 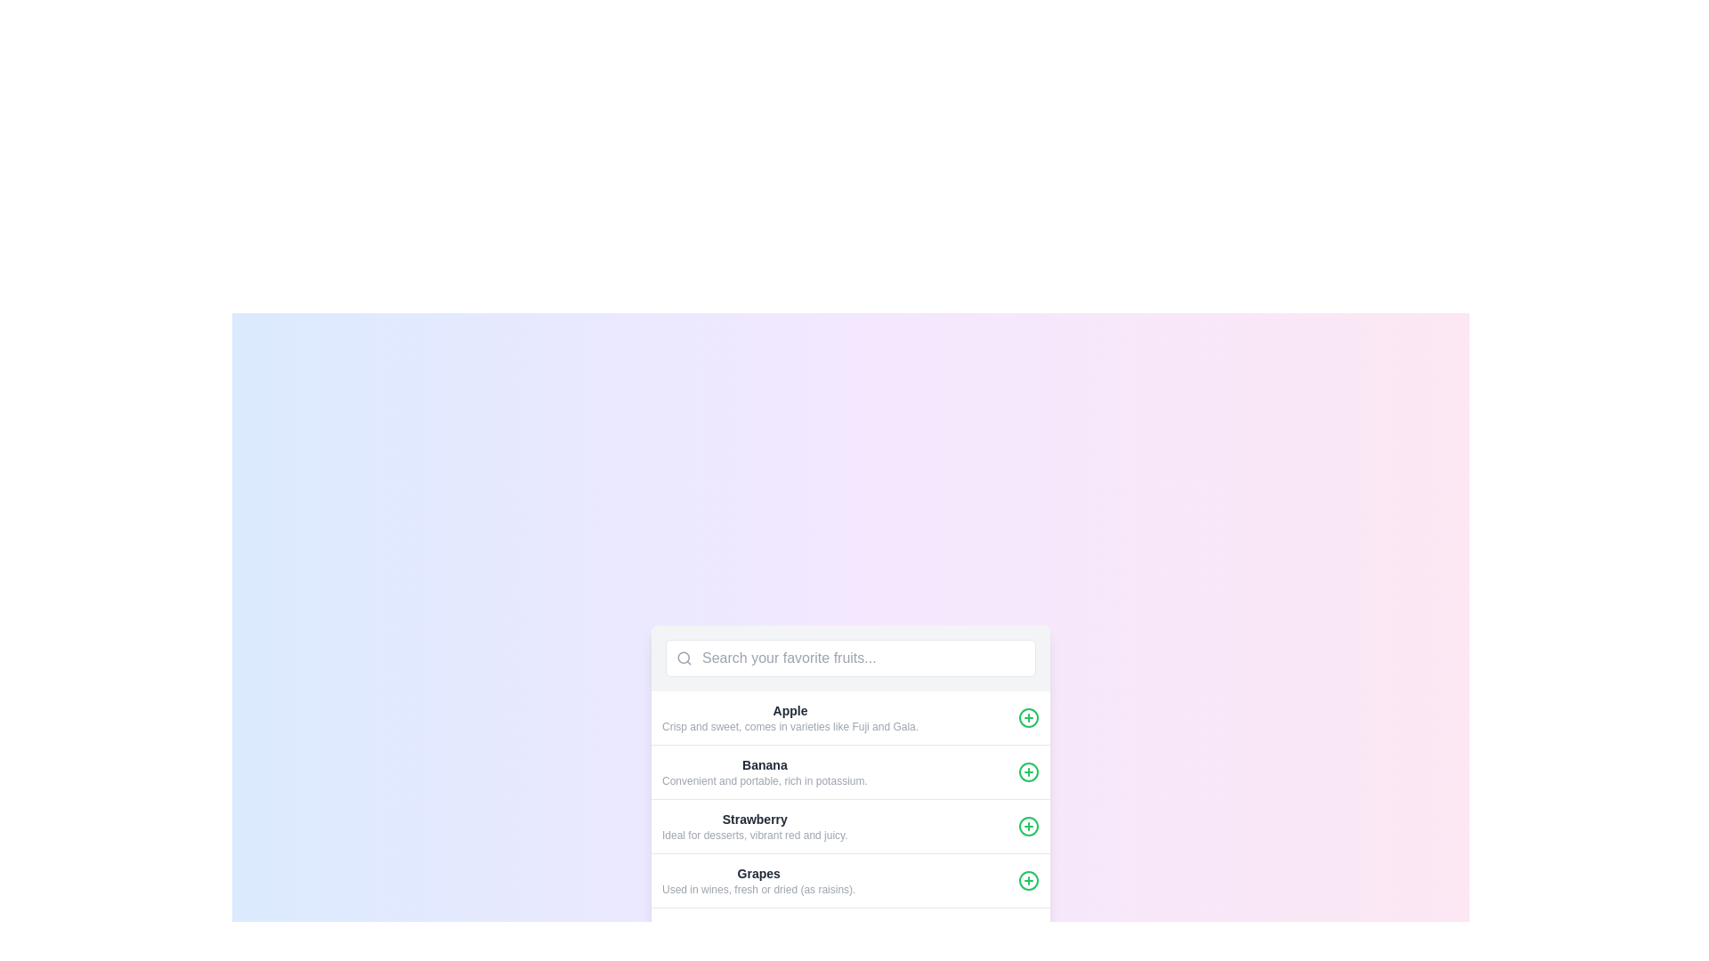 What do you see at coordinates (849, 658) in the screenshot?
I see `the search input field that features a magnifying glass icon and the placeholder text 'Search your favorite fruits...'` at bounding box center [849, 658].